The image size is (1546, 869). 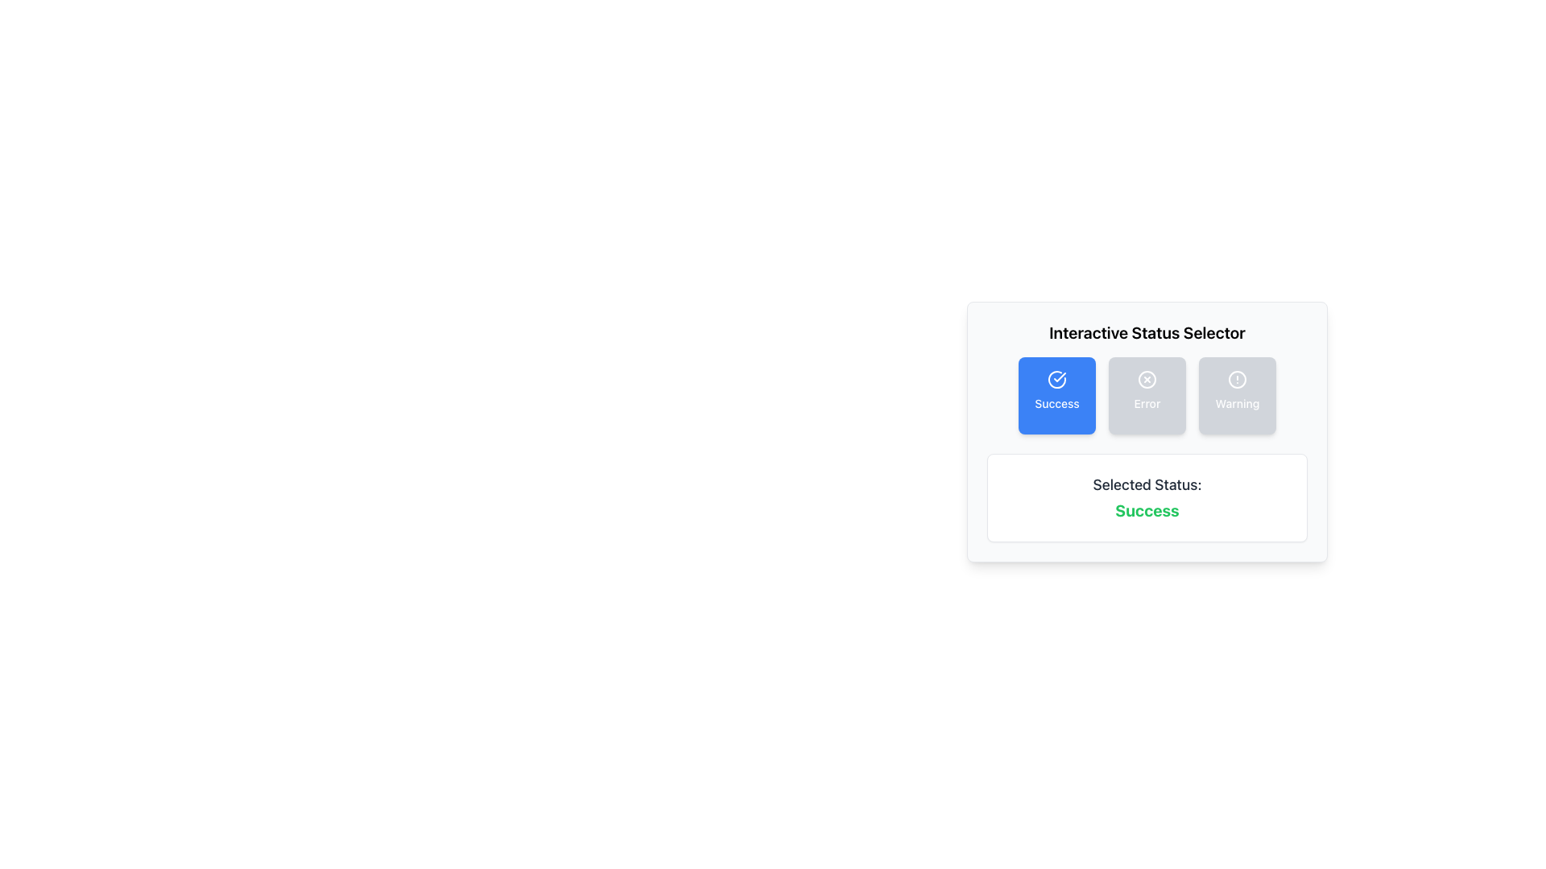 I want to click on the checkmark icon inside a blue circle labeled 'Success', which is part of the interactive selector panel, so click(x=1057, y=379).